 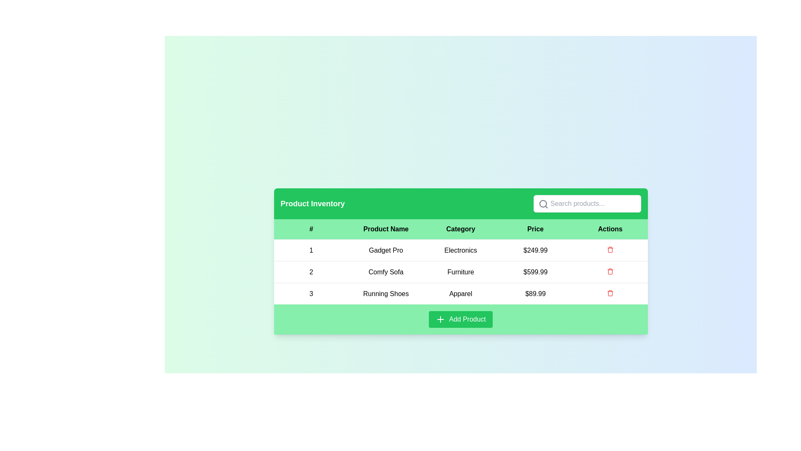 What do you see at coordinates (460, 272) in the screenshot?
I see `the static text label displaying 'Furniture' in the second row of the 'Product Inventory' table, which shows the category of the product 'Comfy Sofa'` at bounding box center [460, 272].